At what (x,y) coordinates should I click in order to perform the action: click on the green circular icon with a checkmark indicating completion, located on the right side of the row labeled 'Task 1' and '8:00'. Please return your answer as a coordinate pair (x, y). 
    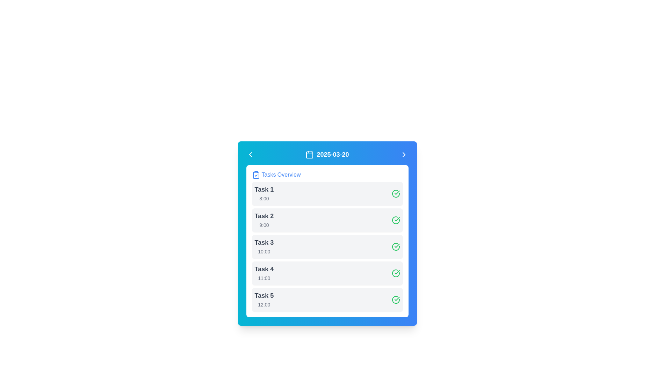
    Looking at the image, I should click on (396, 194).